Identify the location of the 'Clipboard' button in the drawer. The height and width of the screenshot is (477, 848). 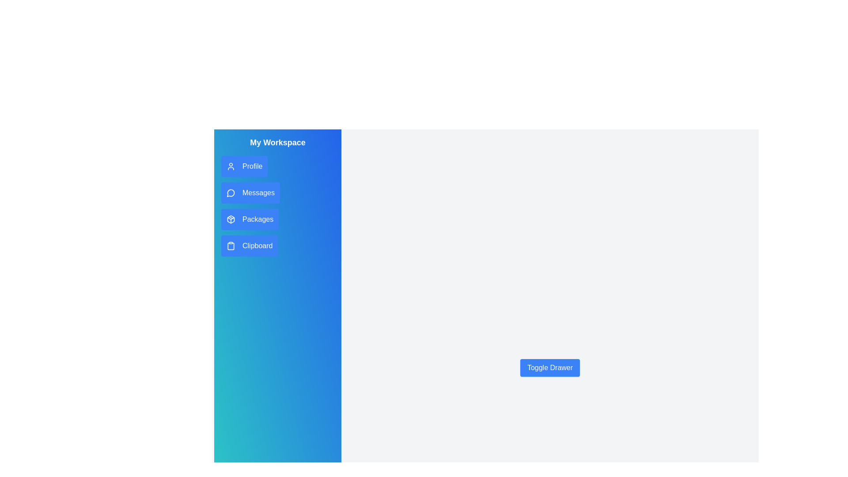
(249, 246).